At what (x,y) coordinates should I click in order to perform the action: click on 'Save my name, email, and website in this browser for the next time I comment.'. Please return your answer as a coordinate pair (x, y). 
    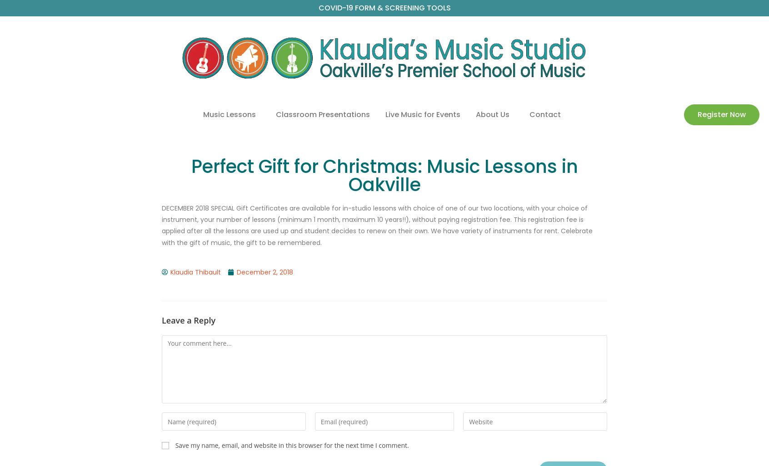
    Looking at the image, I should click on (291, 445).